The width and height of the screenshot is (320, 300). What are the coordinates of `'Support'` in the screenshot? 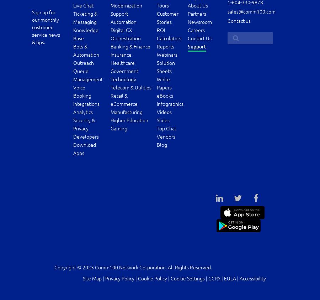 It's located at (187, 46).